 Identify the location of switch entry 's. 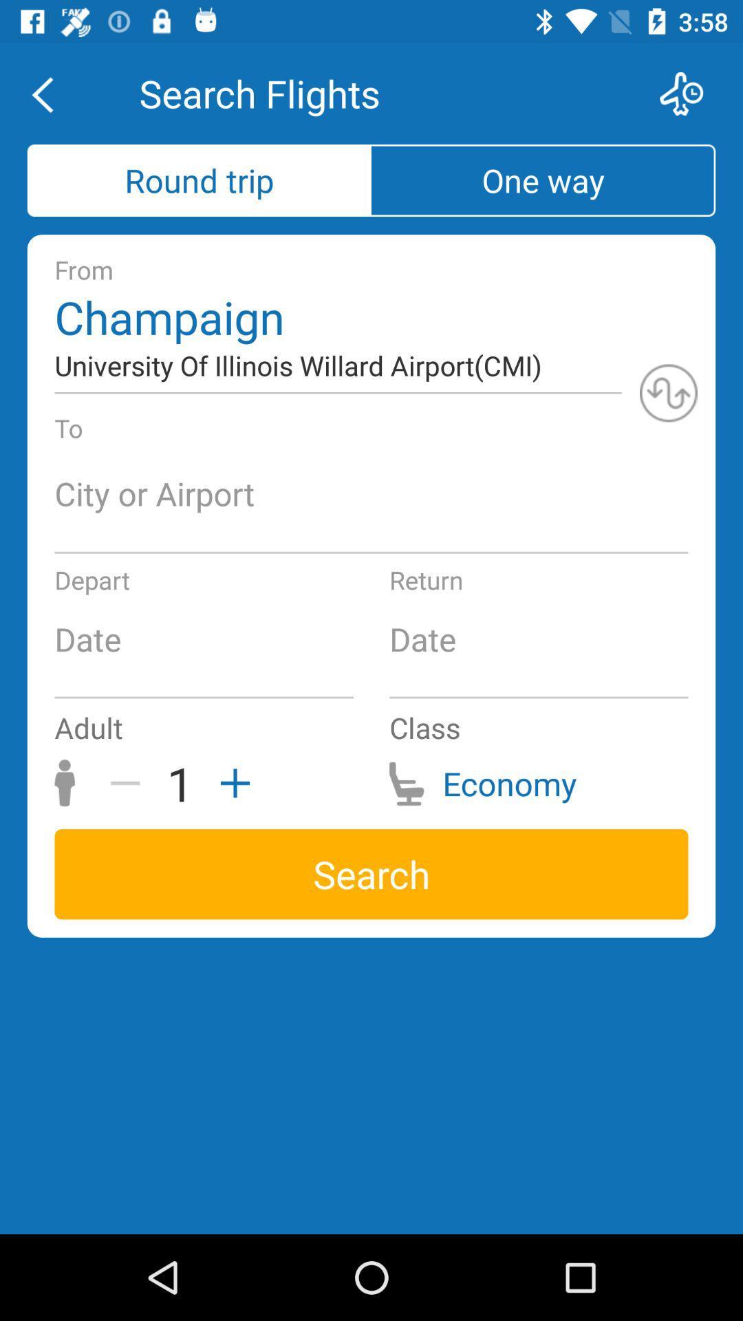
(668, 392).